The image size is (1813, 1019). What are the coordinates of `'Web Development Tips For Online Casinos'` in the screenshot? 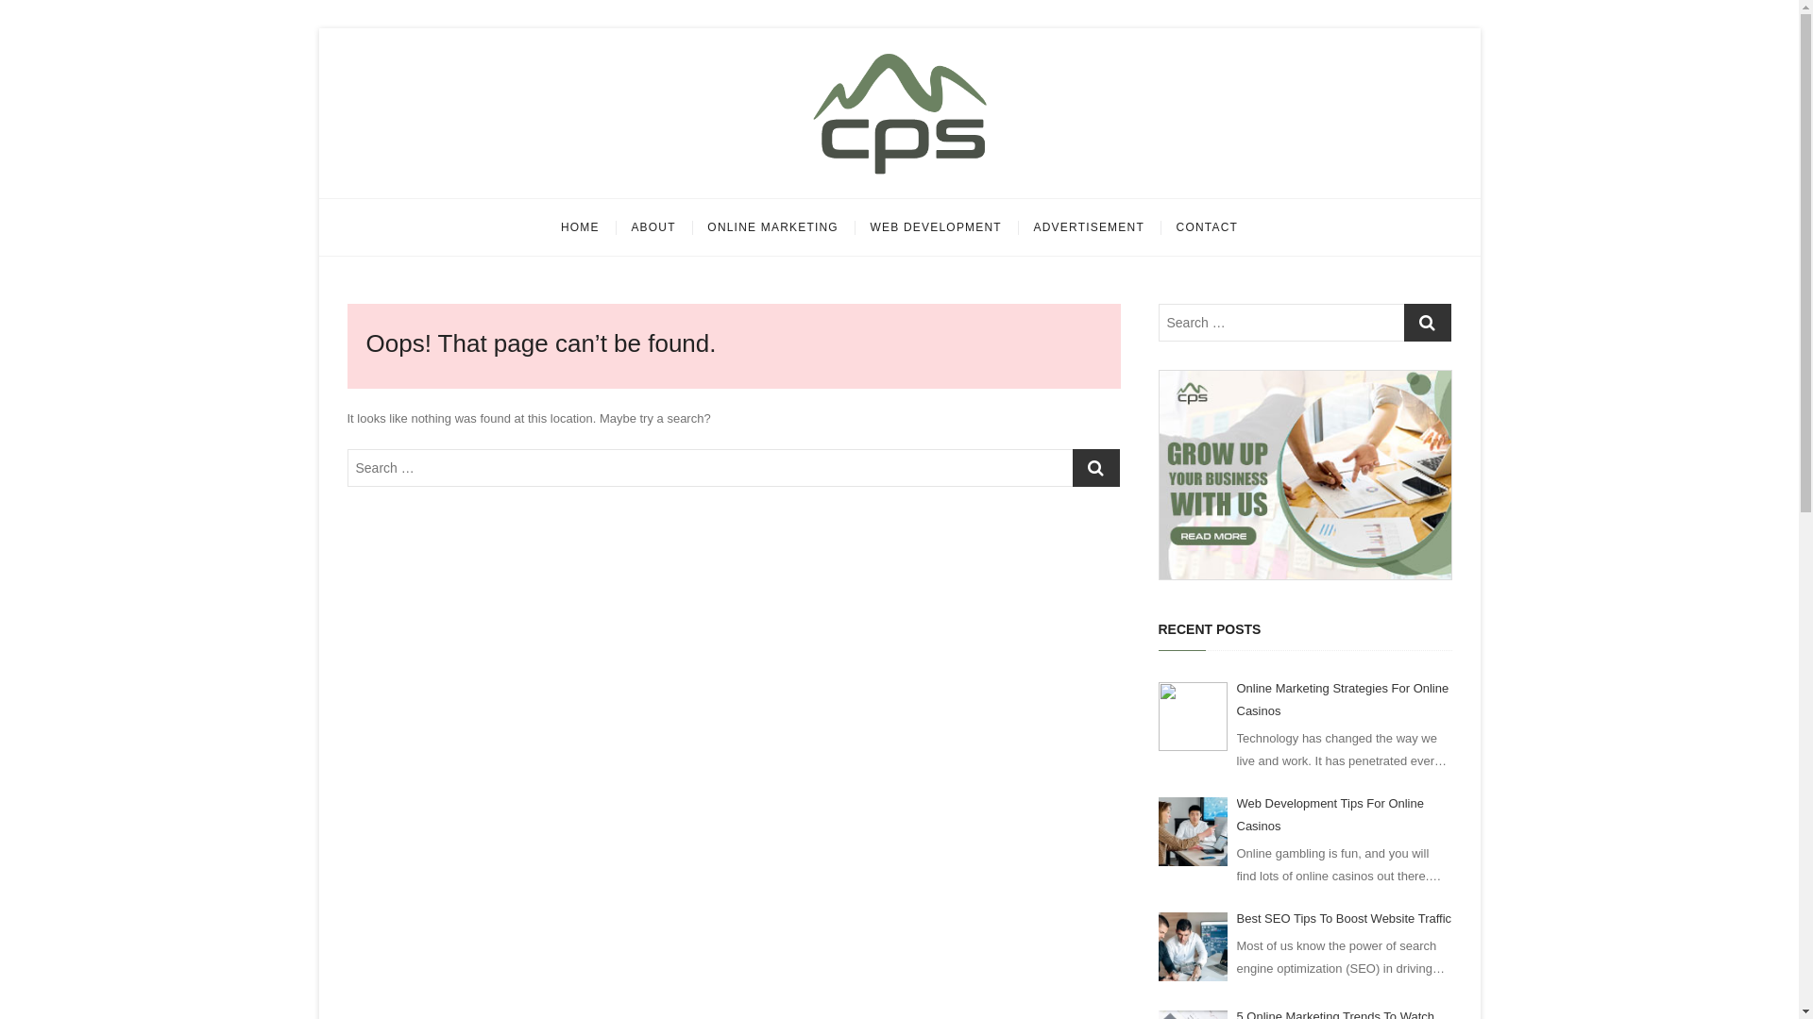 It's located at (1191, 830).